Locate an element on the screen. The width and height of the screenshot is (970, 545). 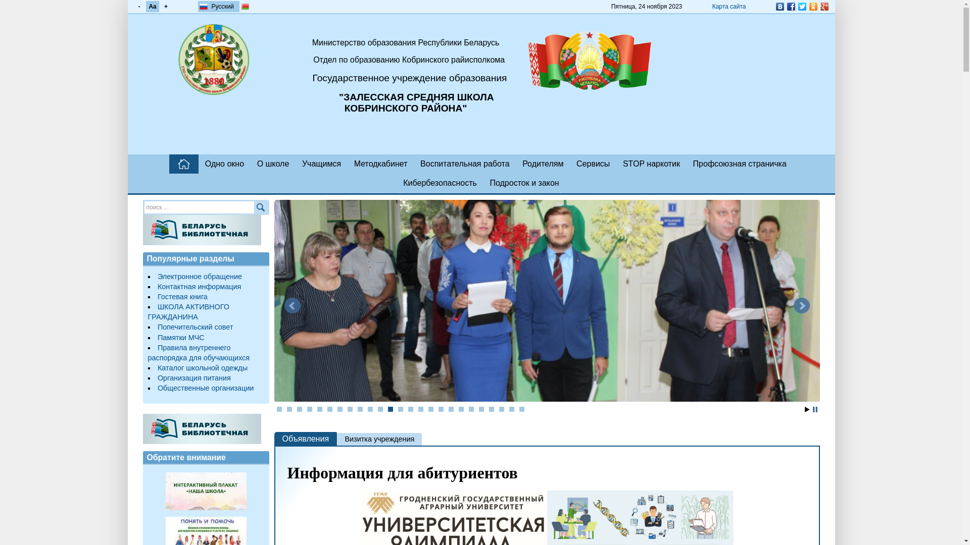
'10' is located at coordinates (370, 409).